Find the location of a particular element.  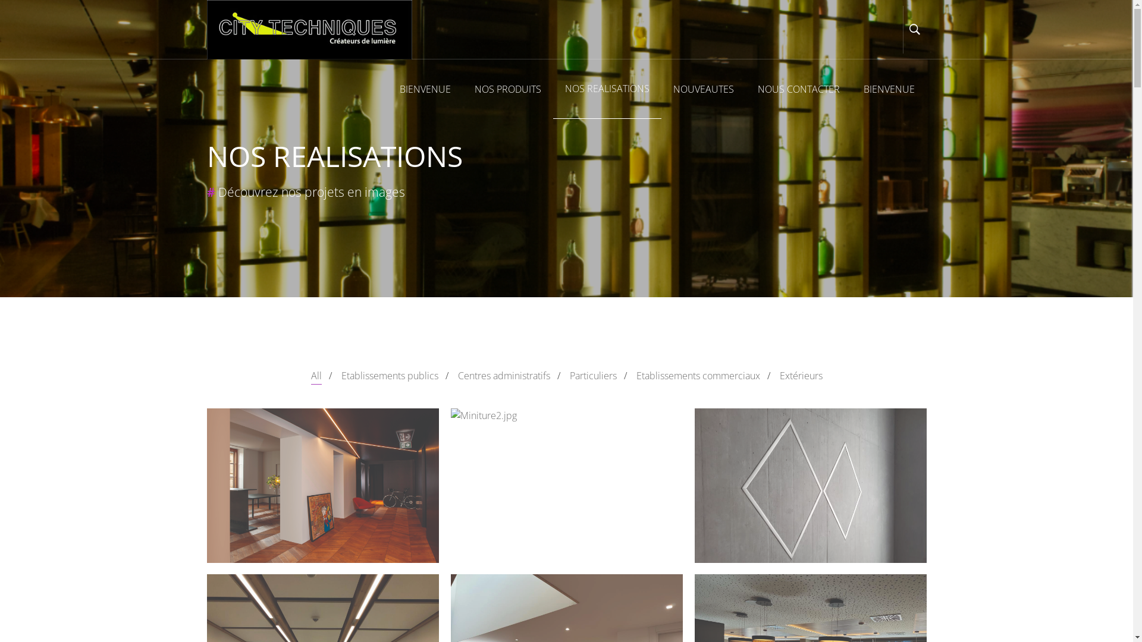

'NOS PRODUITS' is located at coordinates (508, 89).